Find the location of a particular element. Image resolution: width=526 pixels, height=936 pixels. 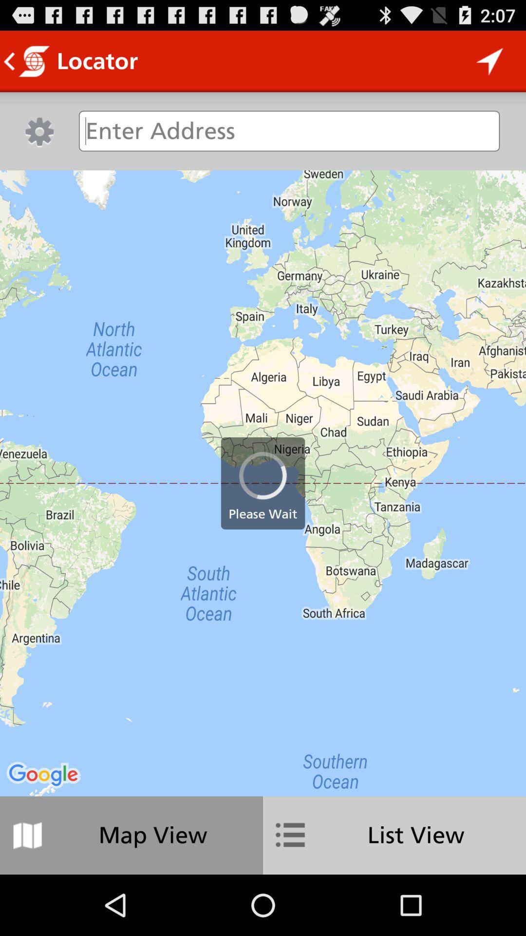

icon above map view item is located at coordinates (263, 483).